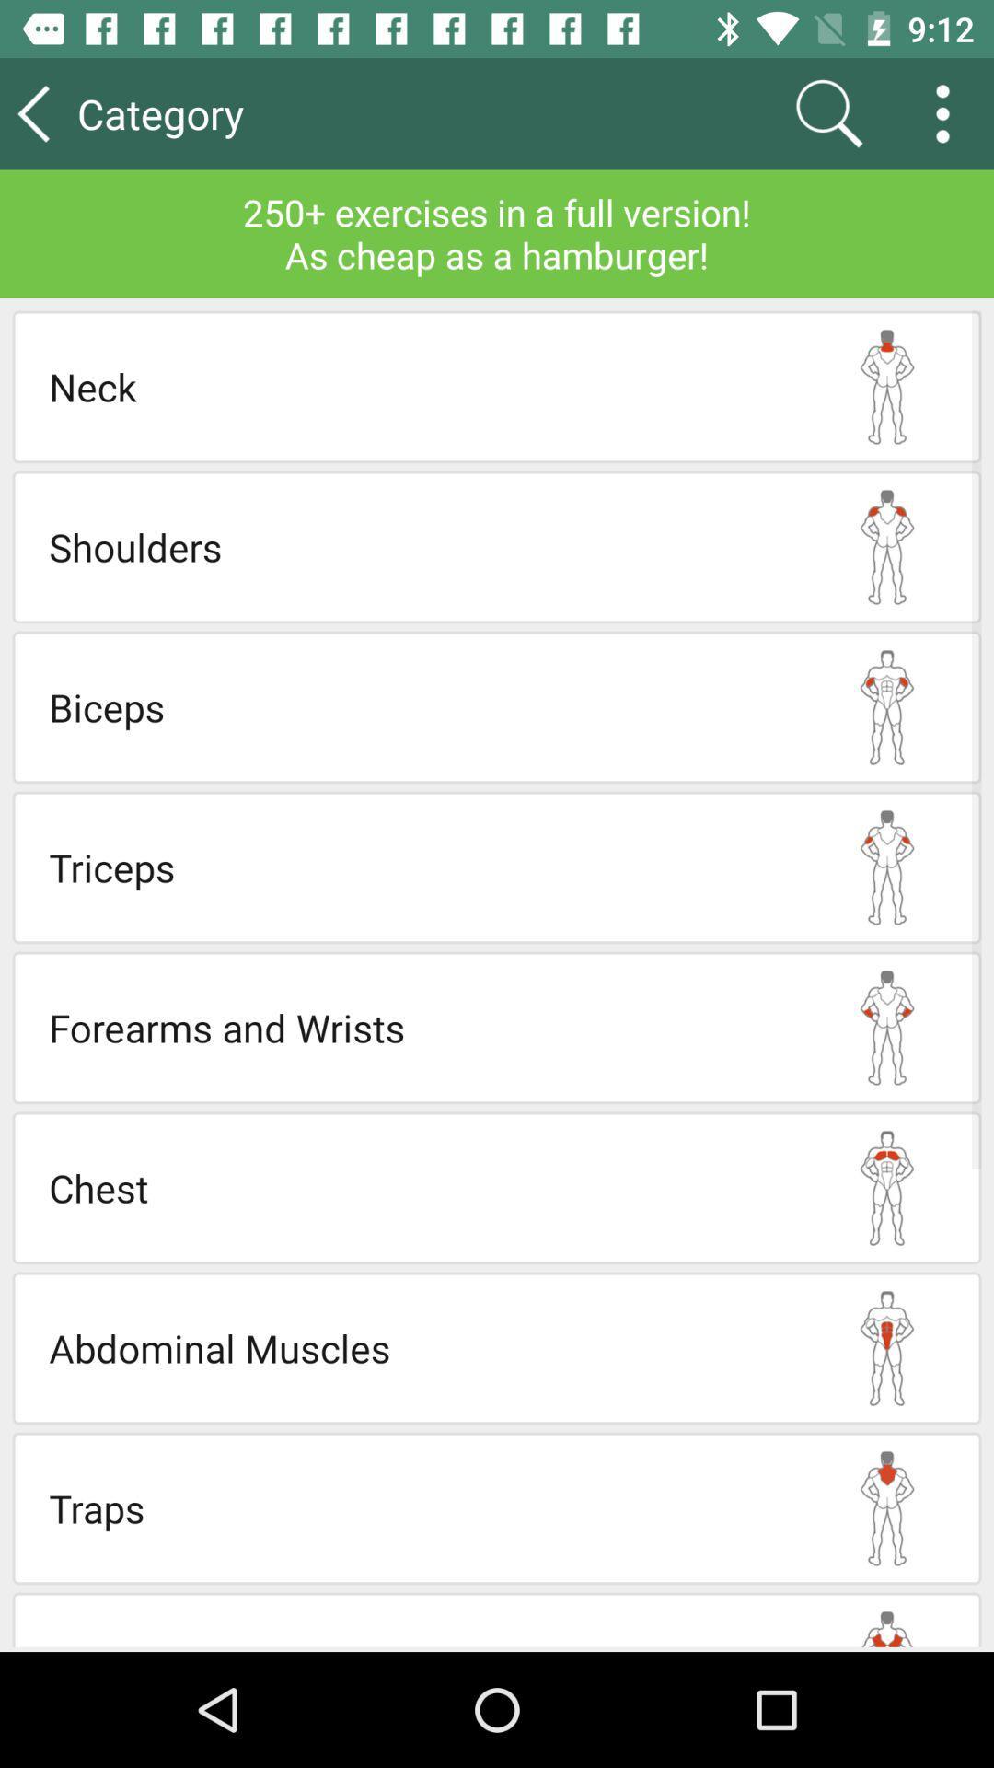 This screenshot has width=994, height=1768. Describe the element at coordinates (421, 1188) in the screenshot. I see `the chest item` at that location.